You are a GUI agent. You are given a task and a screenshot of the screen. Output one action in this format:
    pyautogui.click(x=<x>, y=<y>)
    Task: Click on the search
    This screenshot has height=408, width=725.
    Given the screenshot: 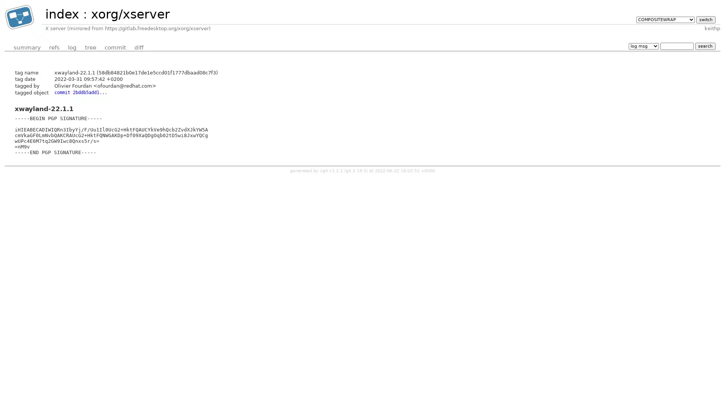 What is the action you would take?
    pyautogui.click(x=705, y=46)
    